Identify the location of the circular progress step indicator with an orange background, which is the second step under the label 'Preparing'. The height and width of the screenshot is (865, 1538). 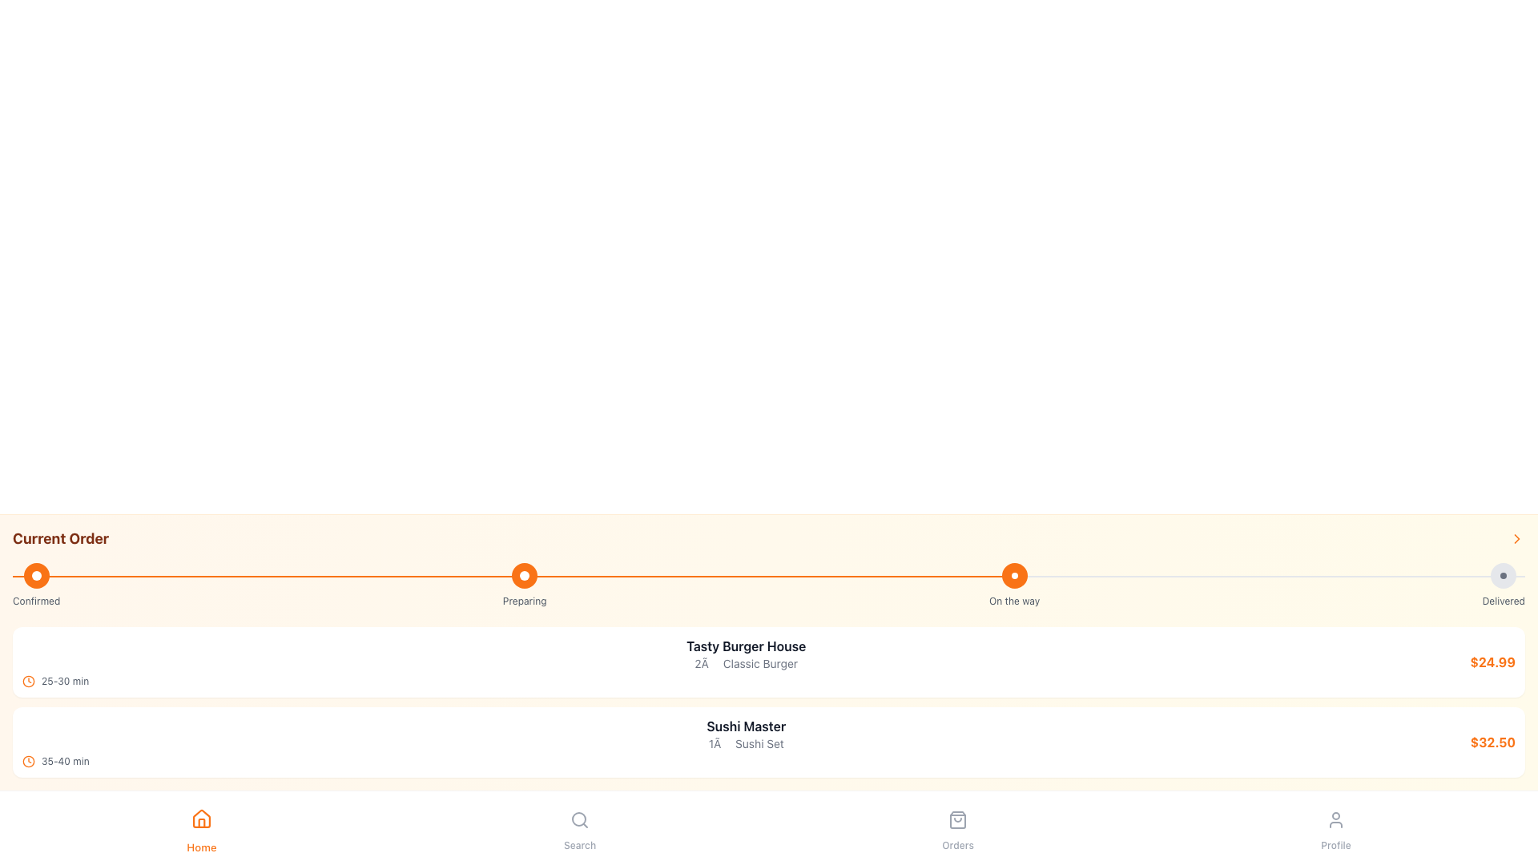
(525, 574).